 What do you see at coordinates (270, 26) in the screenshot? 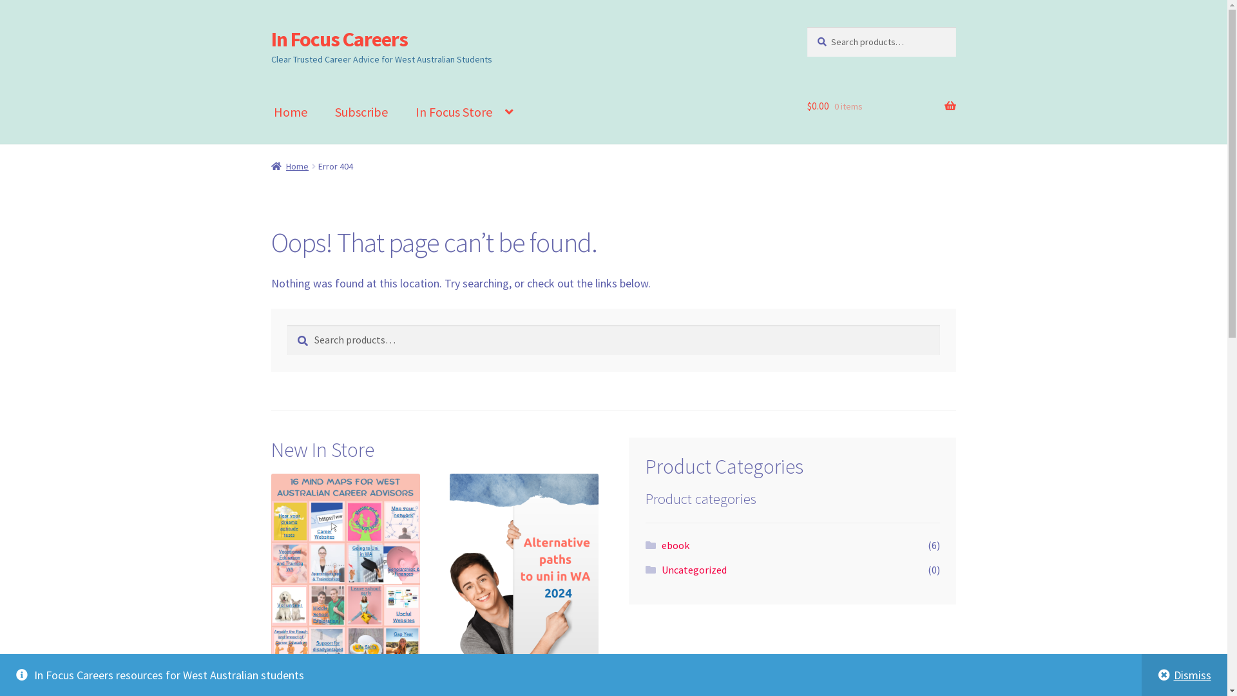
I see `'Skip to navigation'` at bounding box center [270, 26].